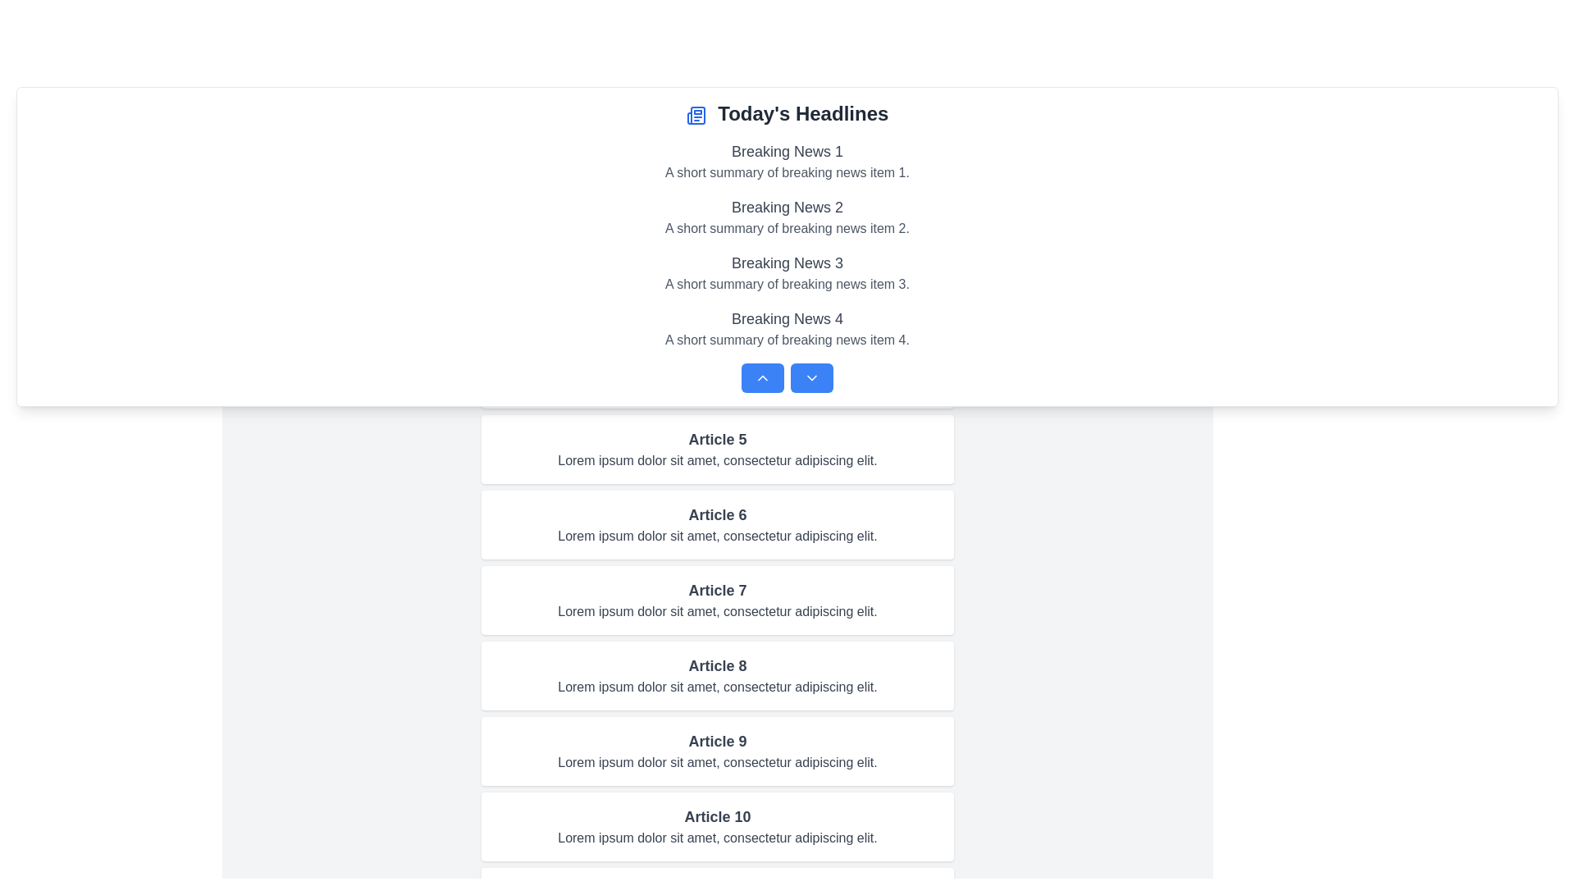 The height and width of the screenshot is (886, 1575). What do you see at coordinates (787, 173) in the screenshot?
I see `the text label displaying 'A short summary of breaking news item 1.' which is positioned below the heading 'Breaking News 1'` at bounding box center [787, 173].